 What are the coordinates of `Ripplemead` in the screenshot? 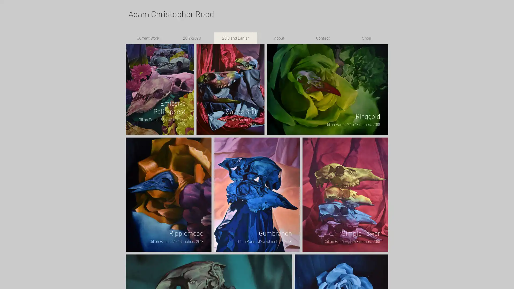 It's located at (168, 194).